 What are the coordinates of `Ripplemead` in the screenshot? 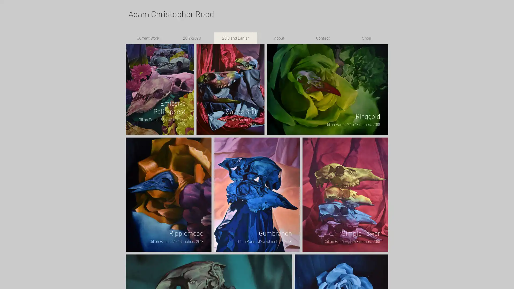 It's located at (168, 194).